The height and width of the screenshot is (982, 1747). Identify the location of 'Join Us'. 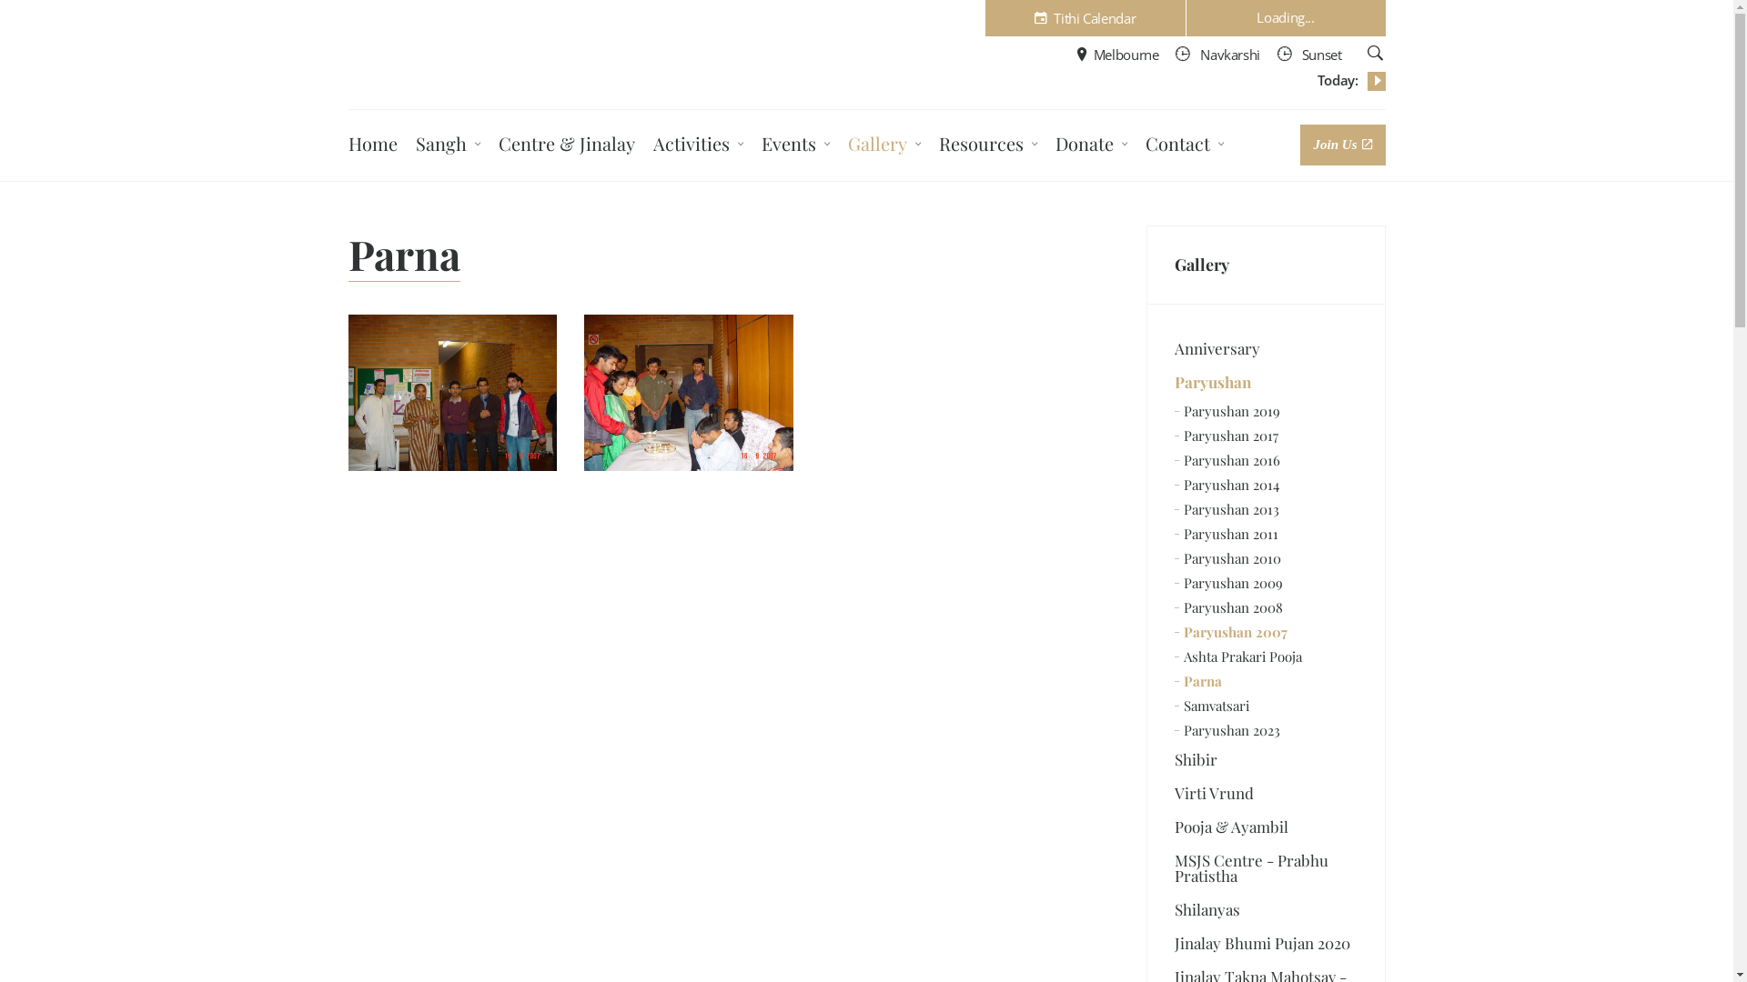
(1343, 144).